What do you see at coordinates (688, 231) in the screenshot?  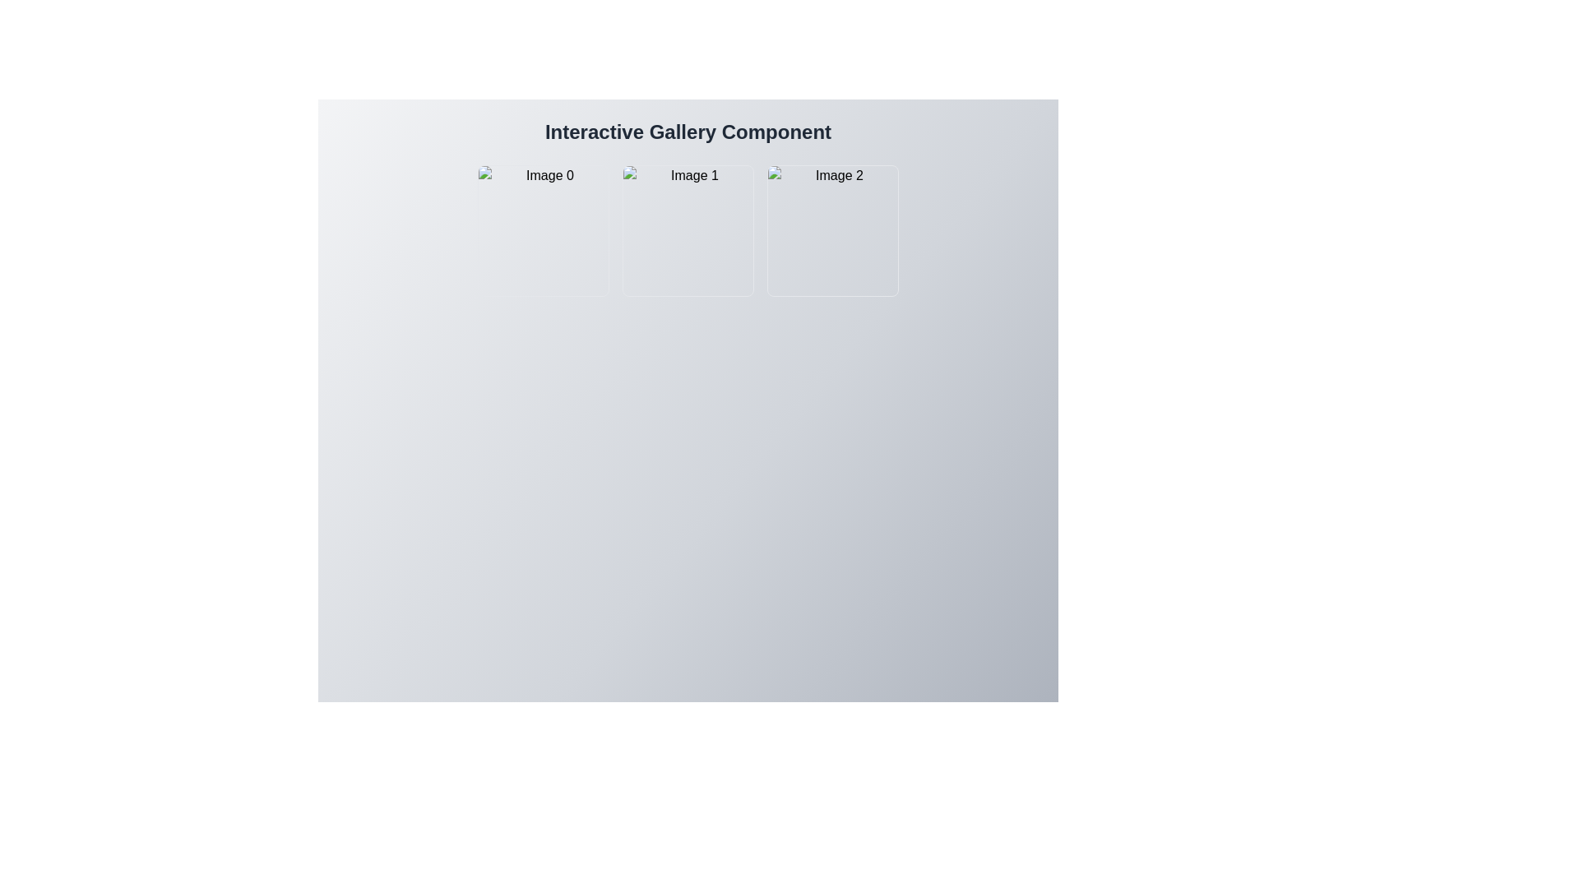 I see `the interactive thumbnail image representing 'Image 1'` at bounding box center [688, 231].